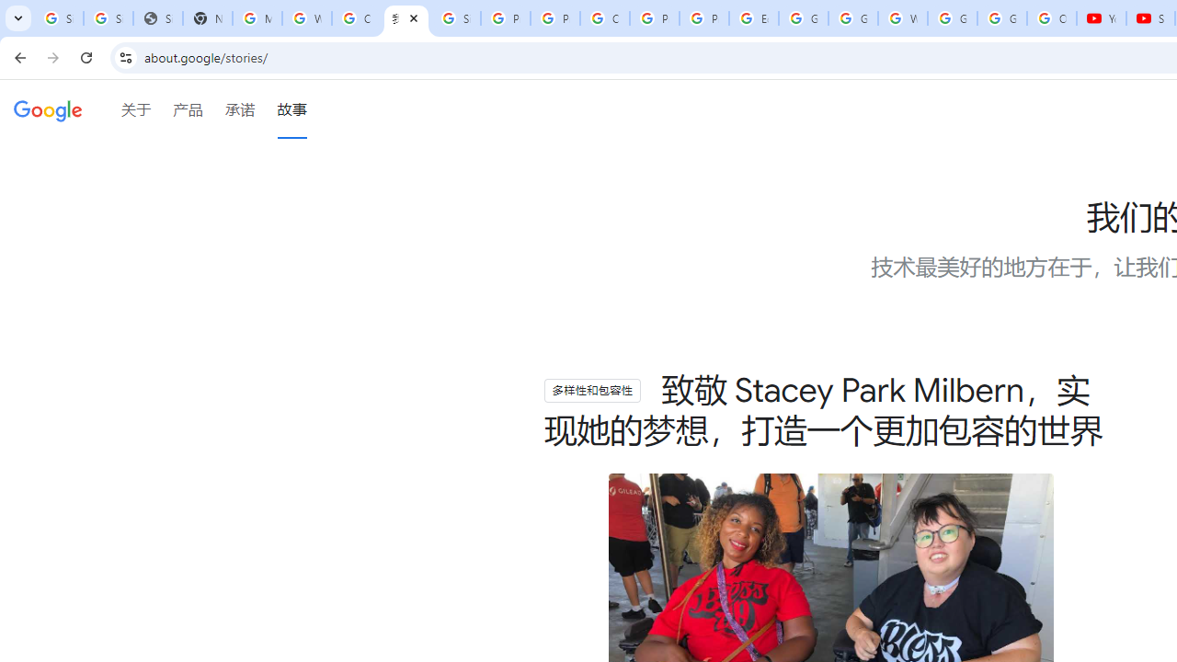 This screenshot has height=662, width=1177. Describe the element at coordinates (157, 18) in the screenshot. I see `'Sign In - USA TODAY'` at that location.